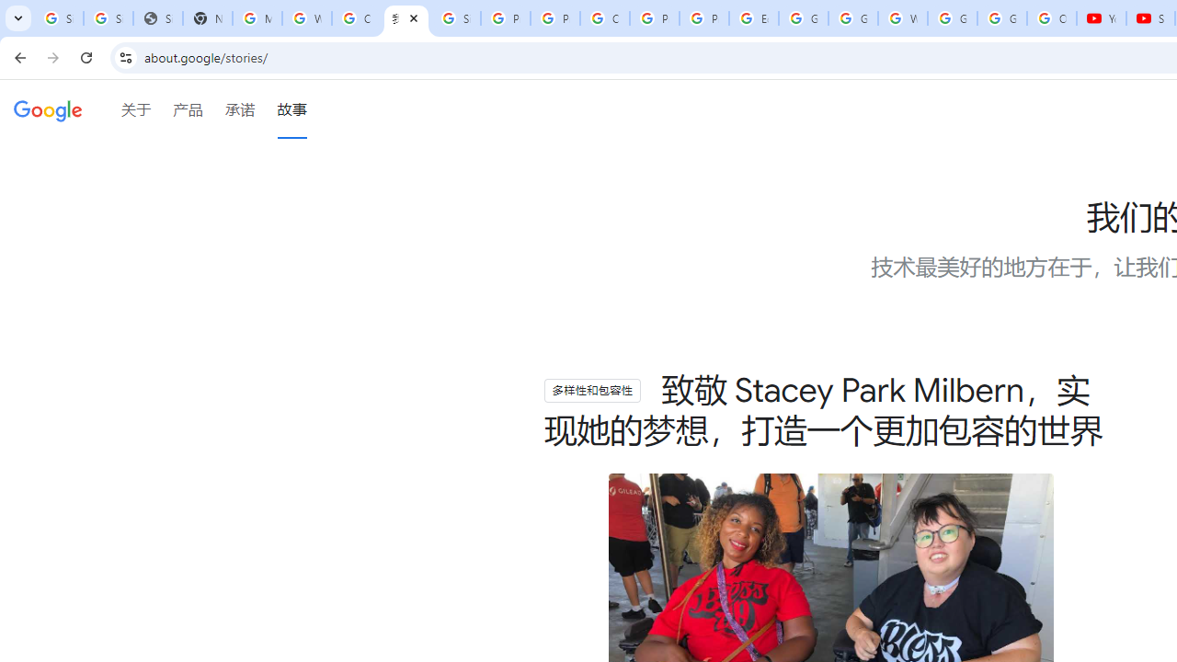 This screenshot has height=662, width=1177. Describe the element at coordinates (157, 18) in the screenshot. I see `'Sign In - USA TODAY'` at that location.